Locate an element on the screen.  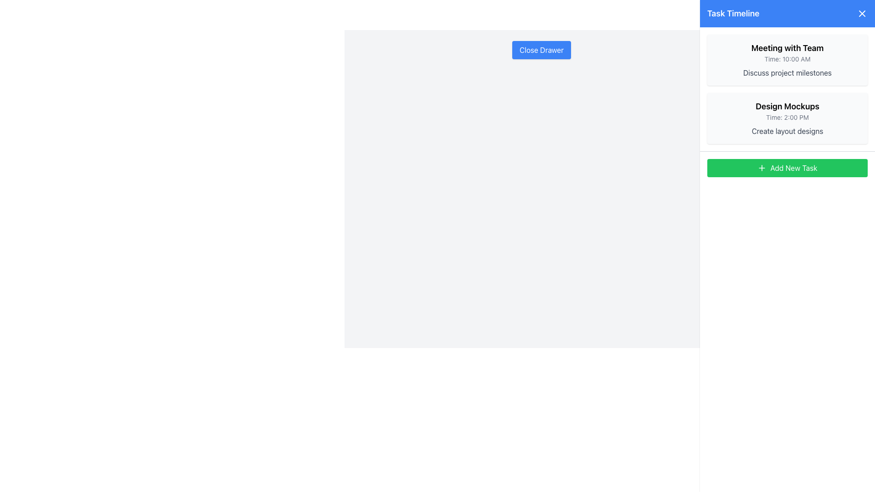
the second task summary card in the sidebar is located at coordinates (787, 118).